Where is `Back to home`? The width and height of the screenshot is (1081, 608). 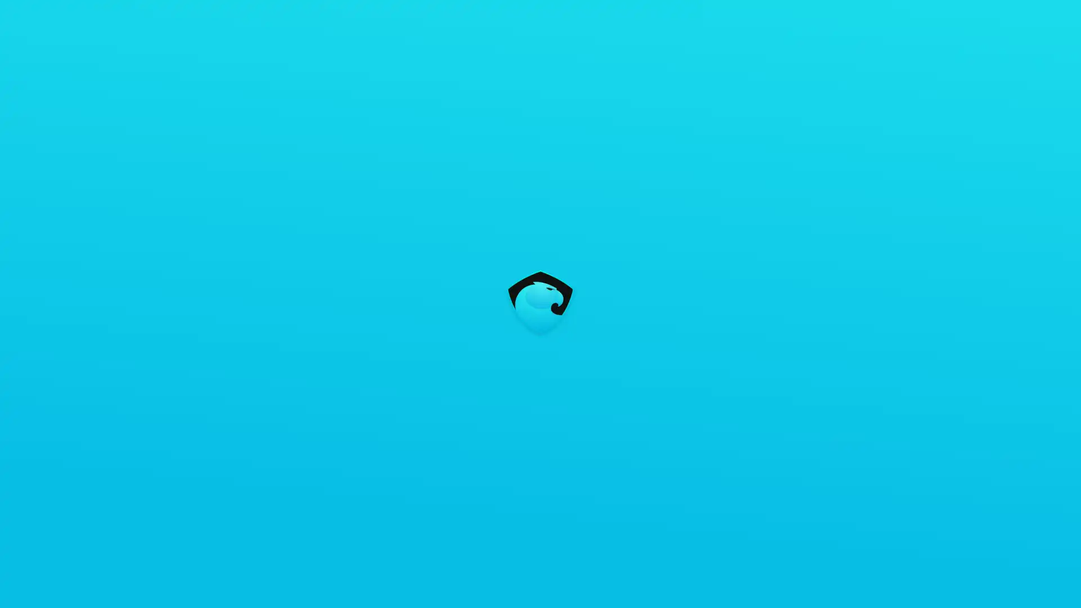
Back to home is located at coordinates (19, 18).